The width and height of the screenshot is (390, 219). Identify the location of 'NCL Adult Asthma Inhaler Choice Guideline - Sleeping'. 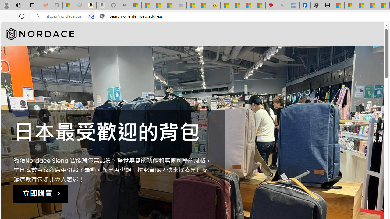
(293, 5).